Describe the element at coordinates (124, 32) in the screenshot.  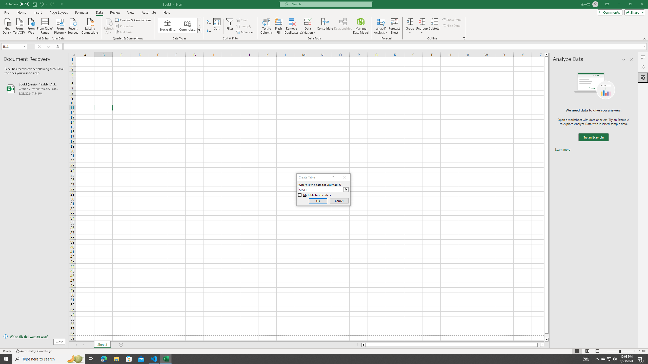
I see `'Edit Links'` at that location.